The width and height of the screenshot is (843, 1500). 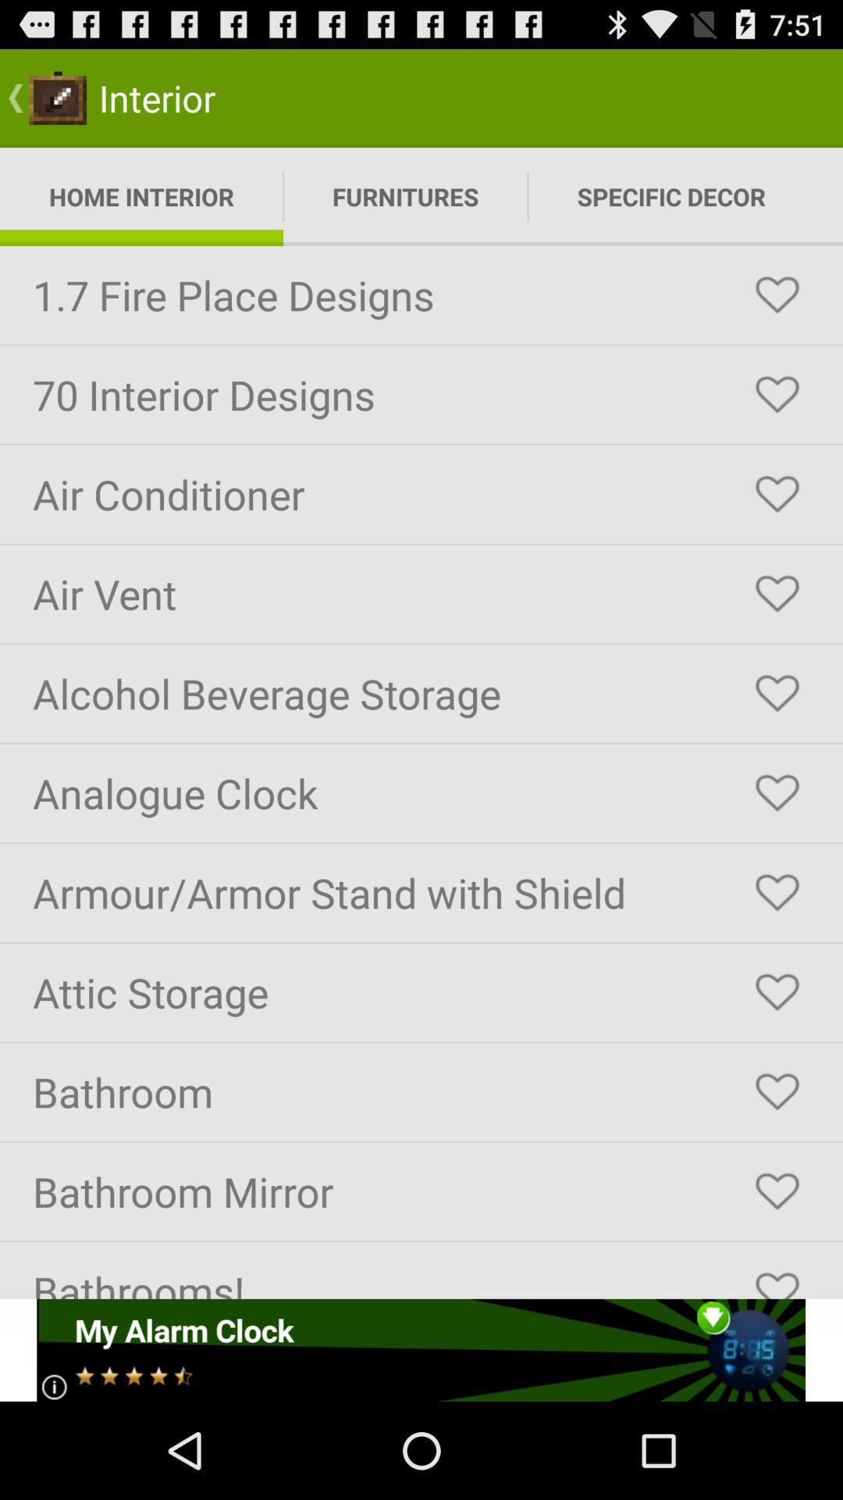 I want to click on to favorite, so click(x=777, y=1191).